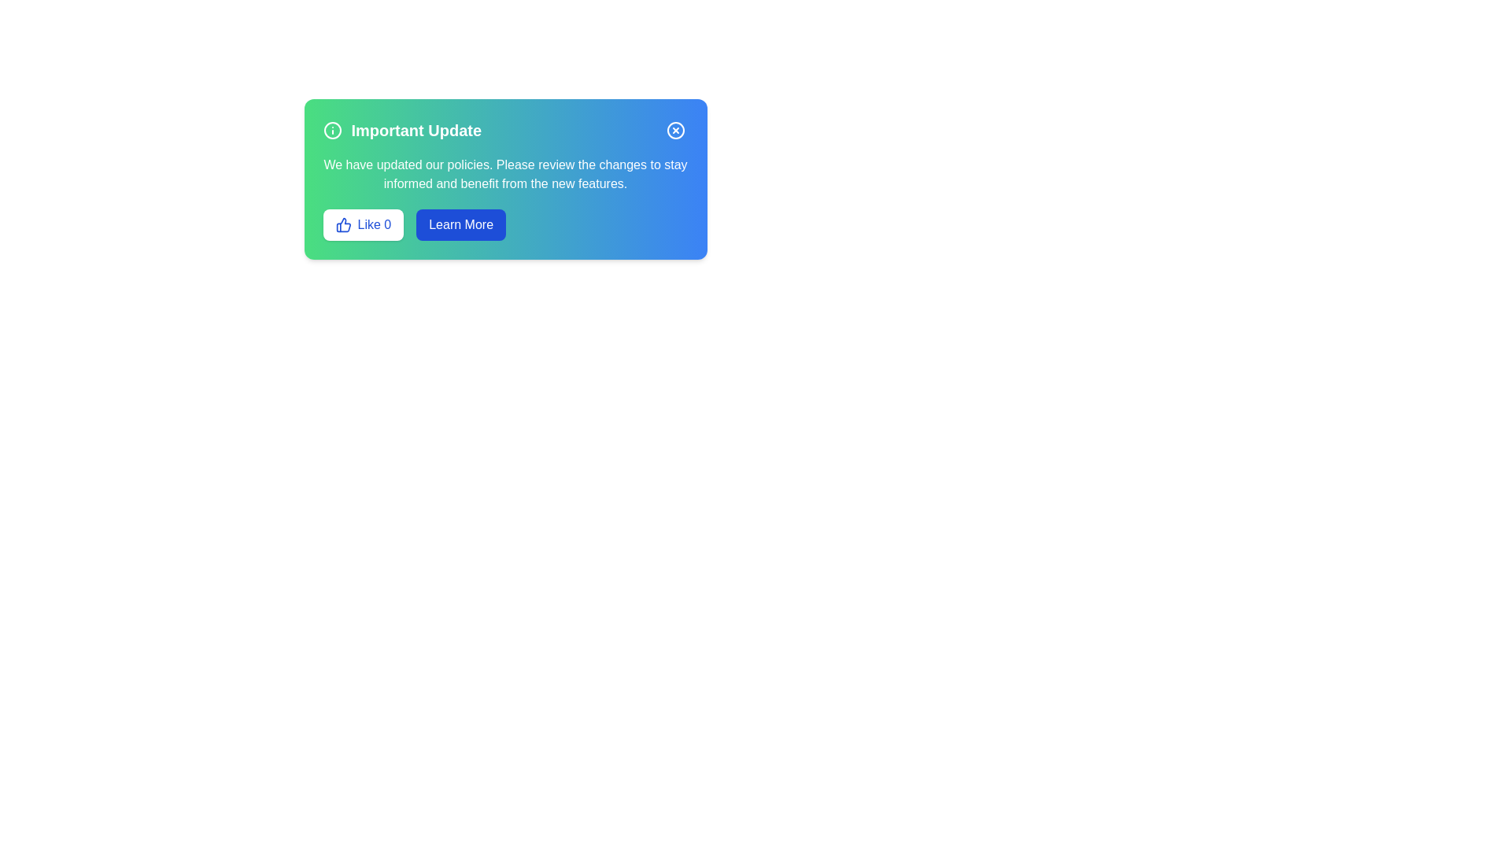 This screenshot has width=1511, height=850. I want to click on the close button to hide the alert, so click(675, 129).